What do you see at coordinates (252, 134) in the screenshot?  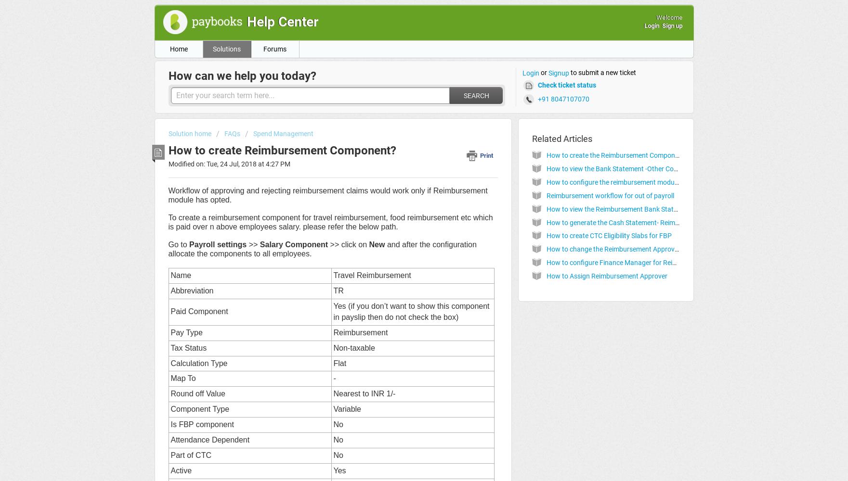 I see `'Spend Management'` at bounding box center [252, 134].